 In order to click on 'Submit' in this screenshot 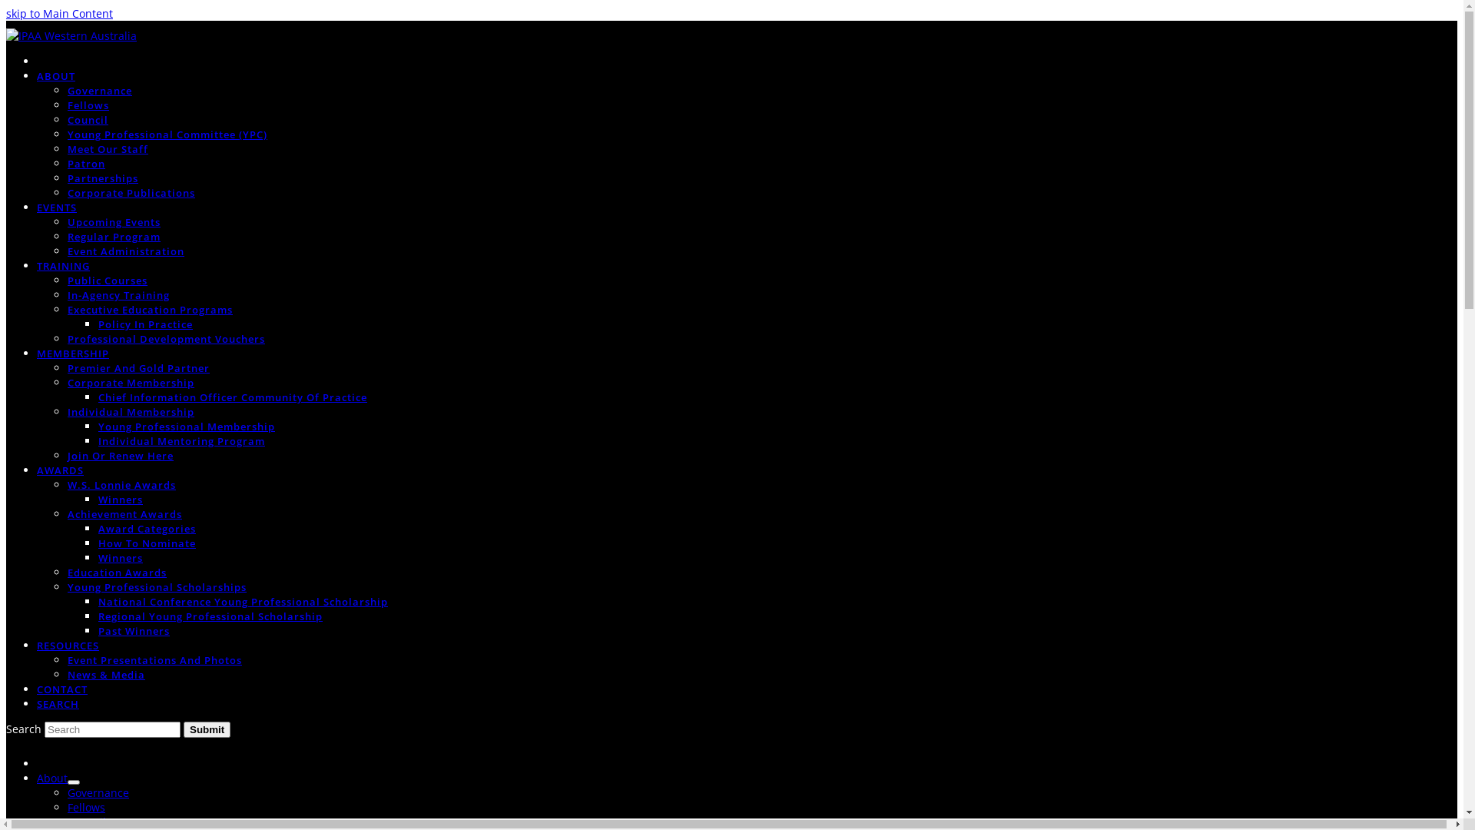, I will do `click(206, 729)`.